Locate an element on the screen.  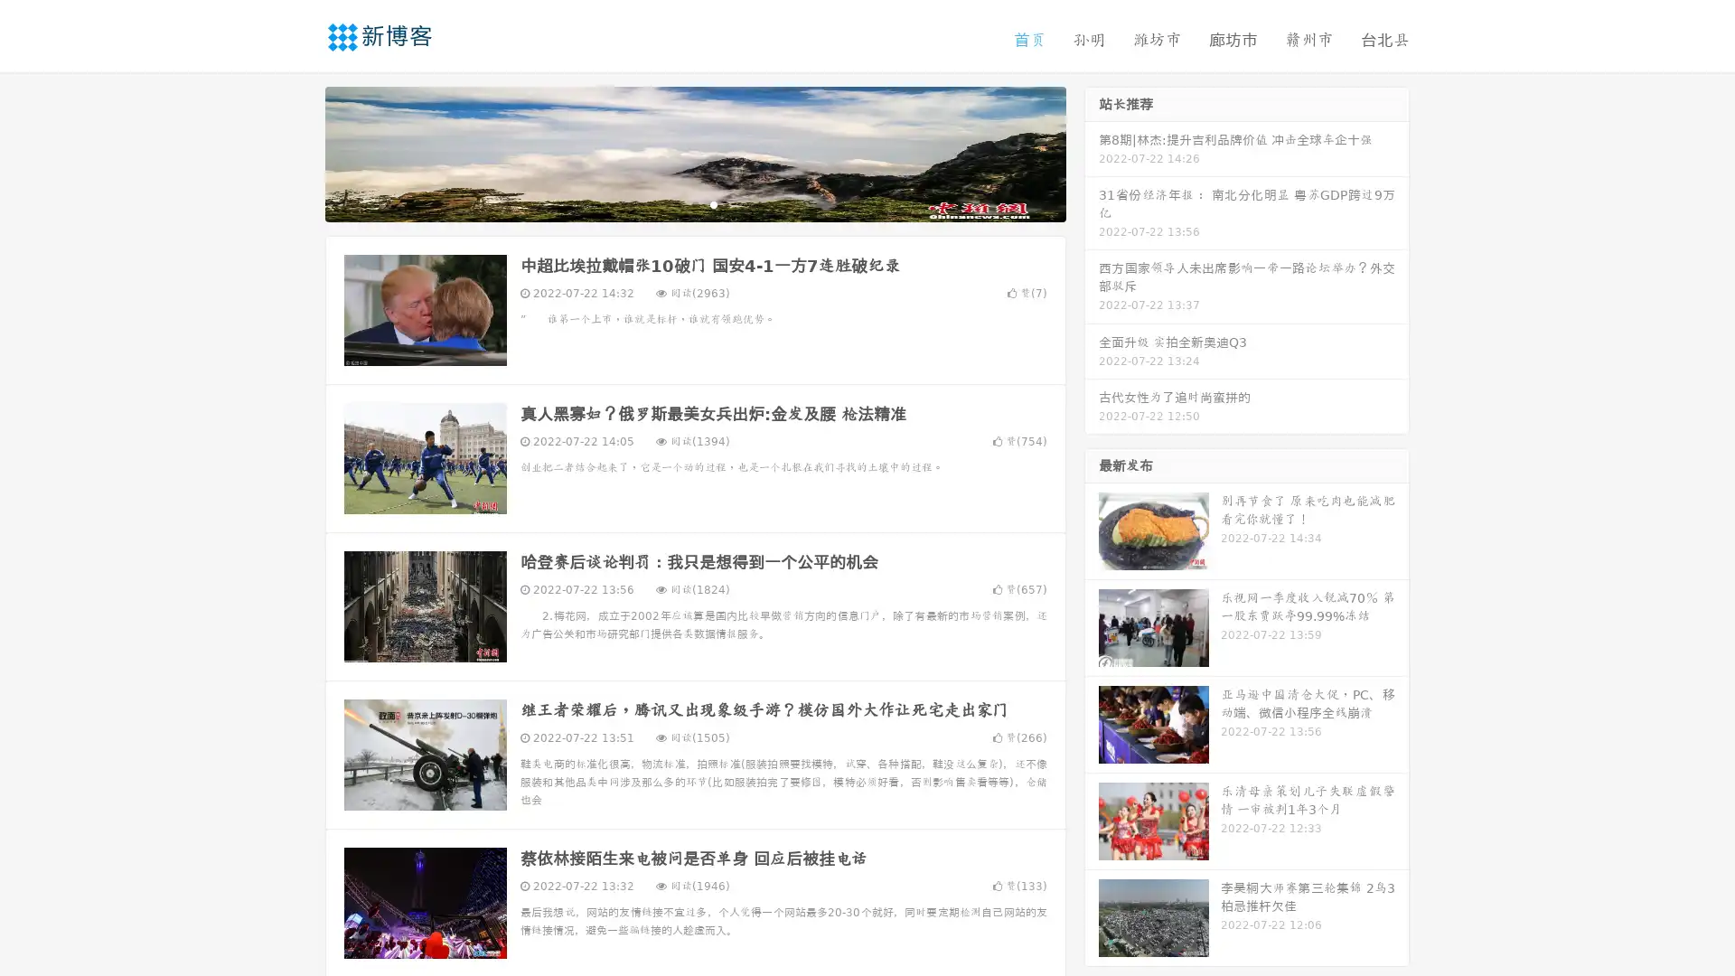
Previous slide is located at coordinates (298, 152).